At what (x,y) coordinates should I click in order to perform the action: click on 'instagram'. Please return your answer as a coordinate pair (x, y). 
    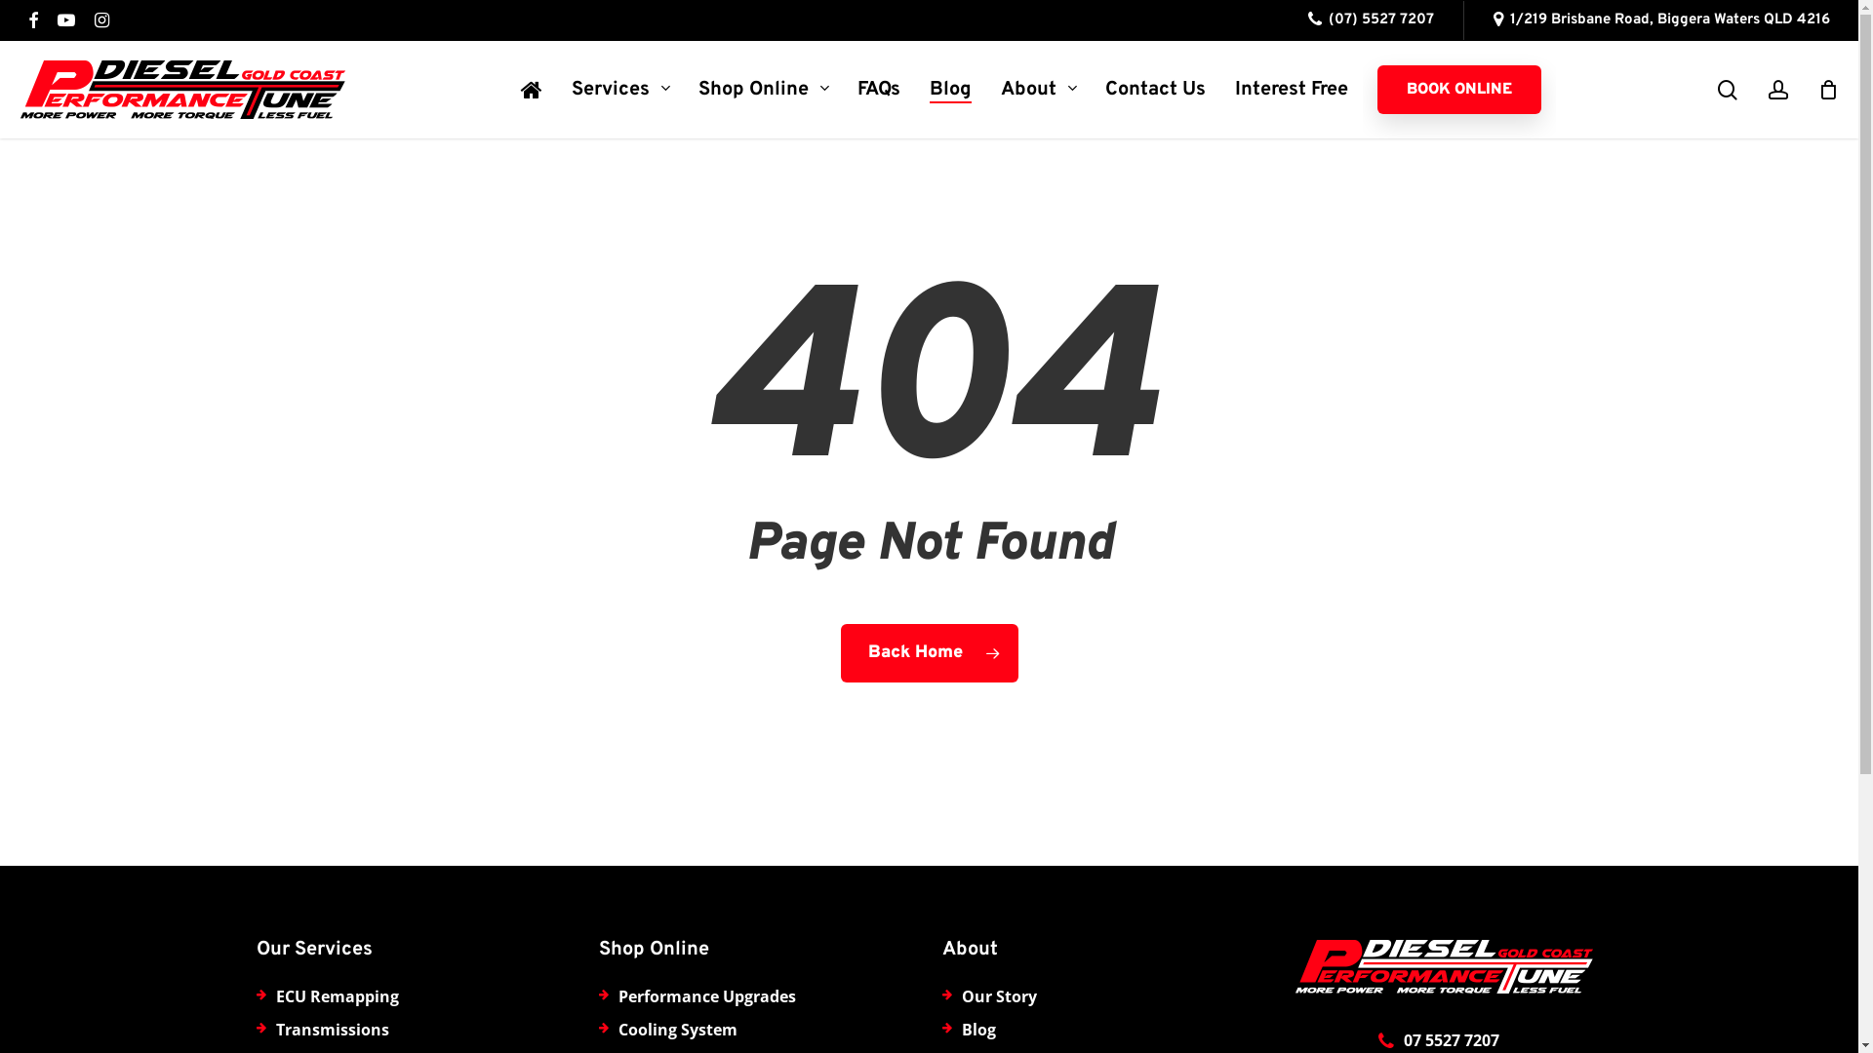
    Looking at the image, I should click on (100, 19).